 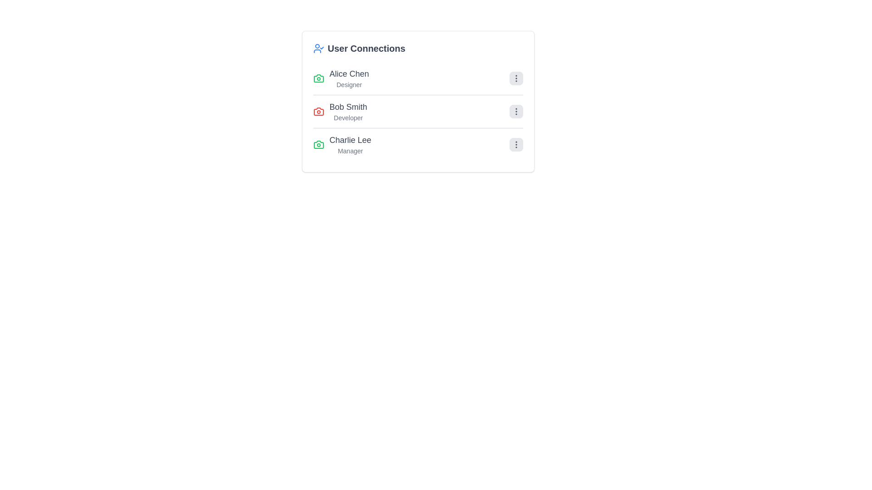 I want to click on the heading text that serves as a title for the user connections section, located at the top of the card structure, to the right of the user-check icon, so click(x=367, y=49).